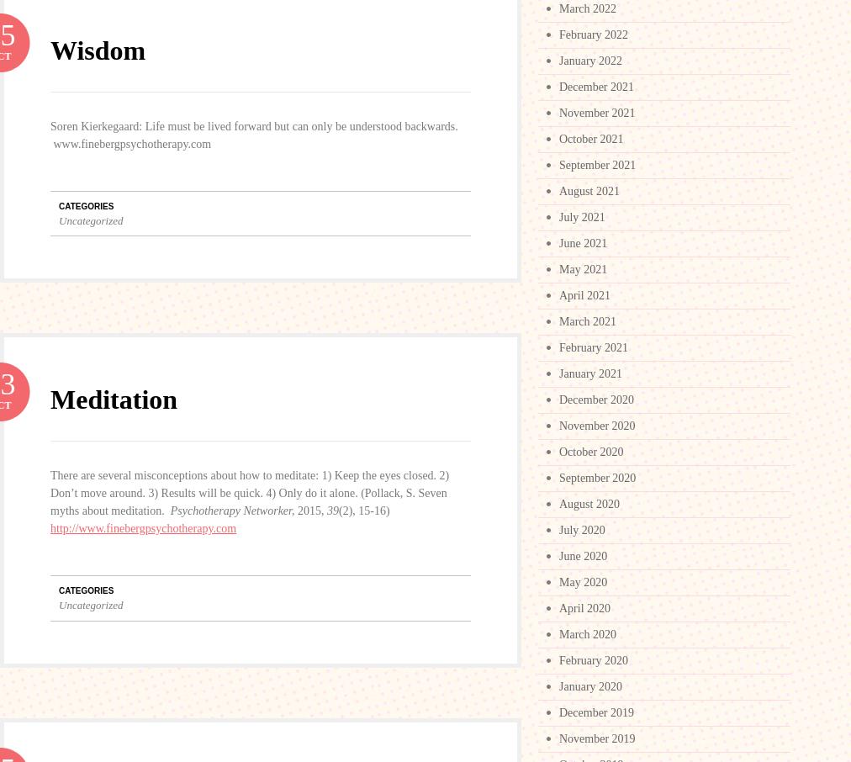 The height and width of the screenshot is (762, 851). What do you see at coordinates (587, 633) in the screenshot?
I see `'March 2020'` at bounding box center [587, 633].